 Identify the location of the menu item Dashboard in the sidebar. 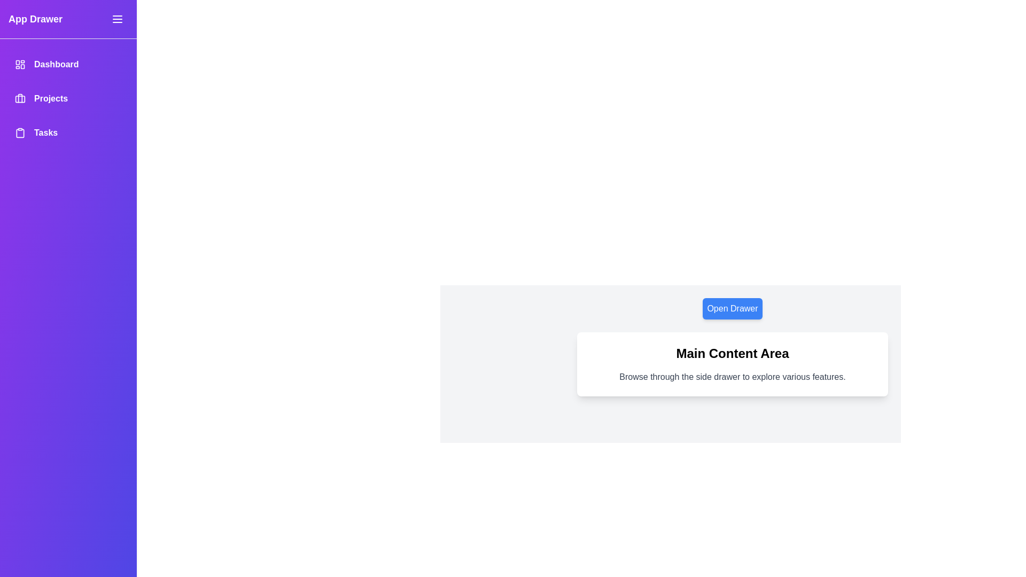
(68, 64).